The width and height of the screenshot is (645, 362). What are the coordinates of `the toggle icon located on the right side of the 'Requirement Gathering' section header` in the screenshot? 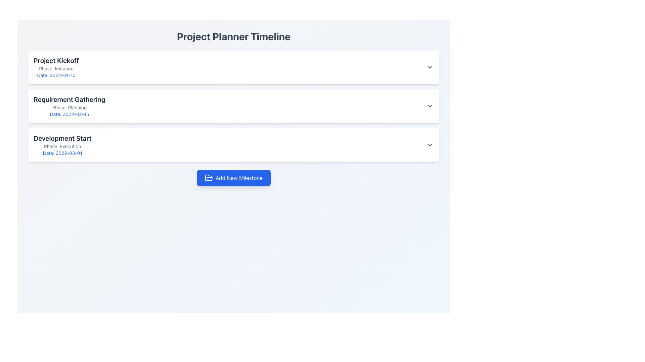 It's located at (430, 106).